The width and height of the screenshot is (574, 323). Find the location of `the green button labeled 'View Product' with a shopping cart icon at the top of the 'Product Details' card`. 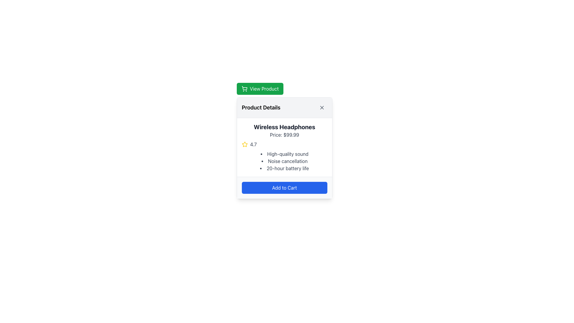

the green button labeled 'View Product' with a shopping cart icon at the top of the 'Product Details' card is located at coordinates (260, 89).